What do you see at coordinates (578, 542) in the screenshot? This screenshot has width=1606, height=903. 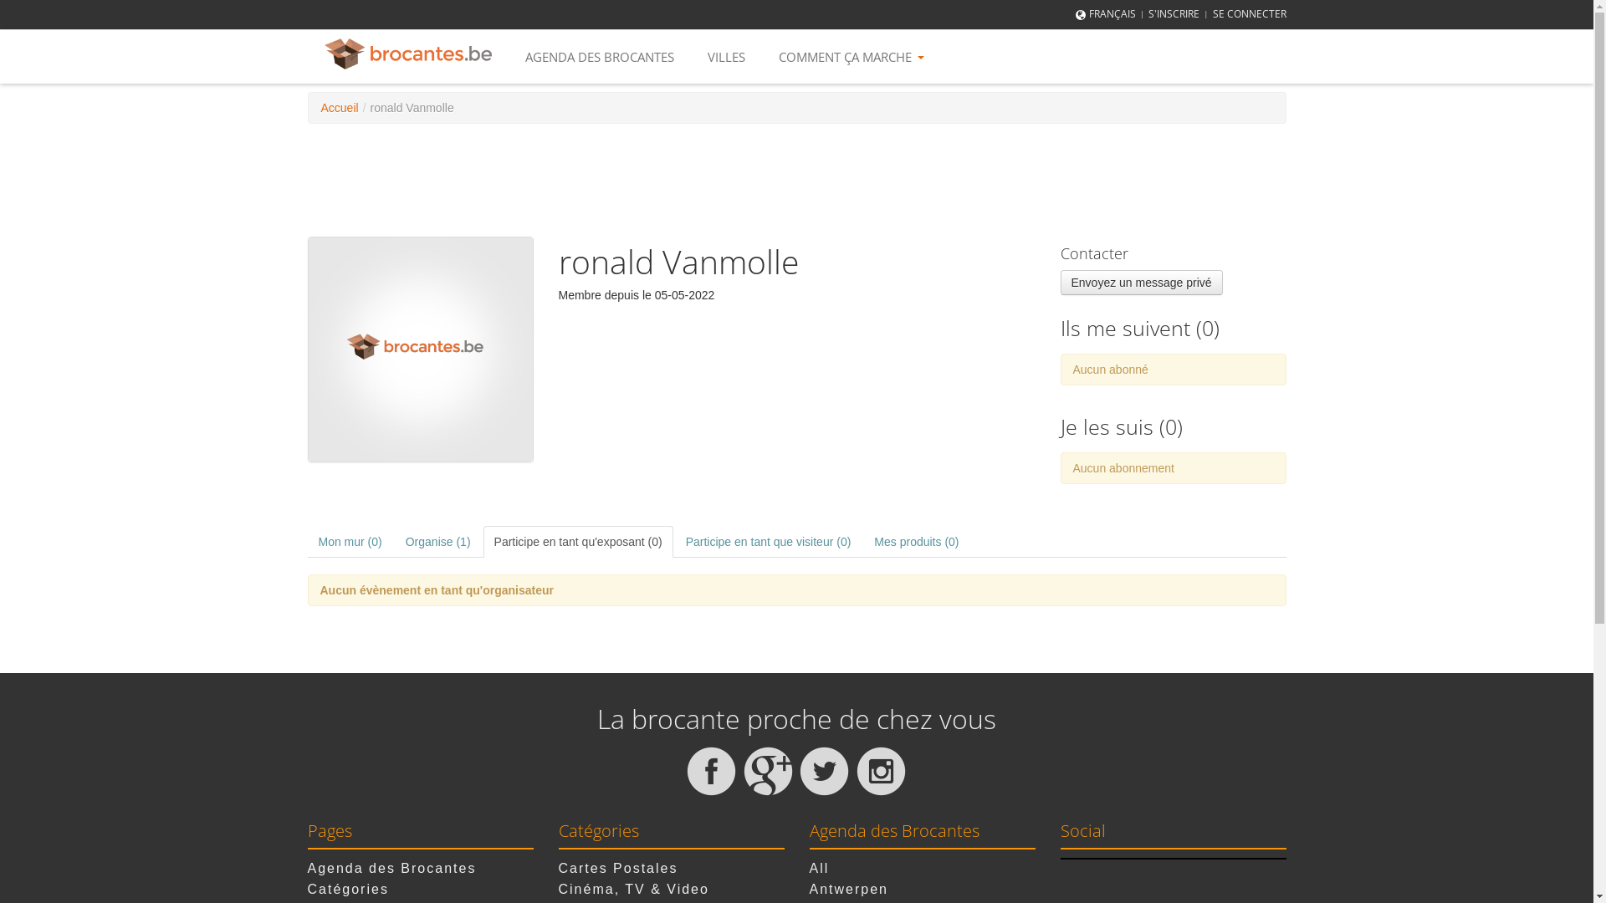 I see `'Participe en tant qu'exposant (0)'` at bounding box center [578, 542].